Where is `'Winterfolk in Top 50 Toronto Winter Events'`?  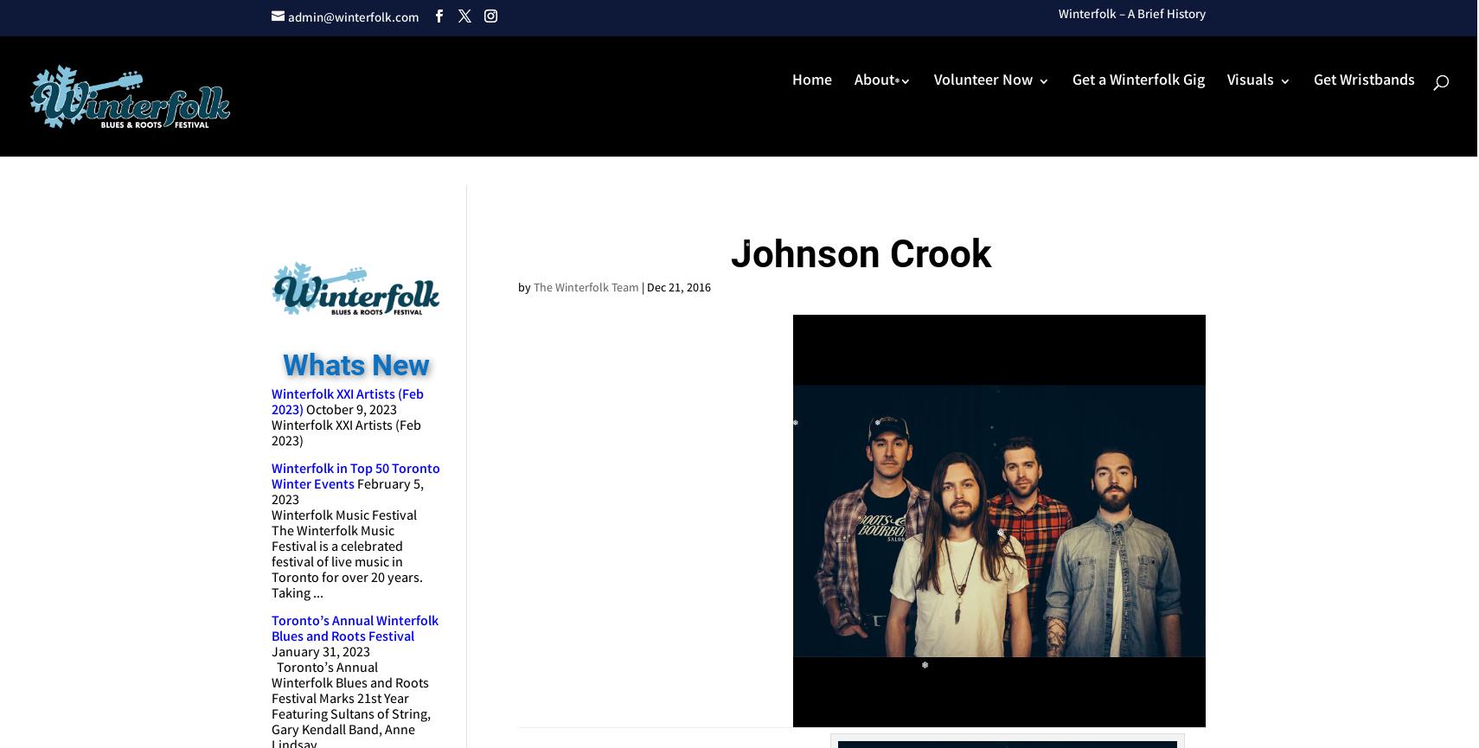
'Winterfolk in Top 50 Toronto Winter Events' is located at coordinates (355, 476).